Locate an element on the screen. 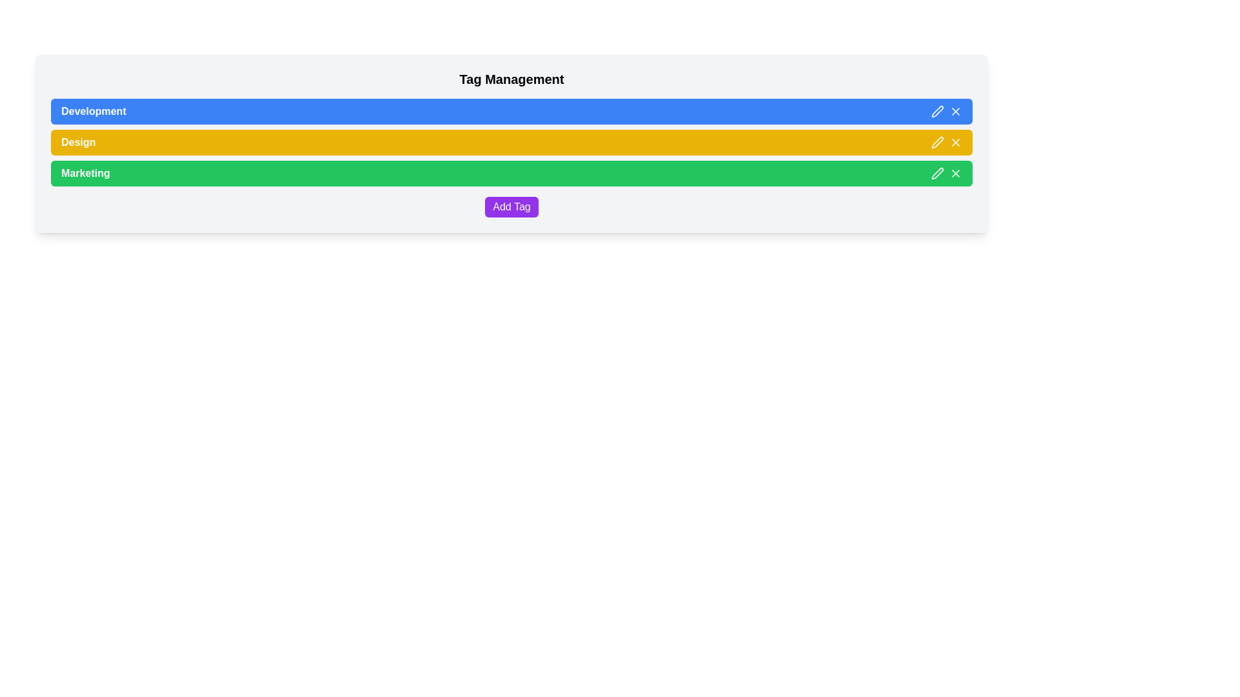 This screenshot has width=1240, height=697. the 'X' icon close button located in the top-right corner of the yellow 'Design' panel is located at coordinates (955, 142).